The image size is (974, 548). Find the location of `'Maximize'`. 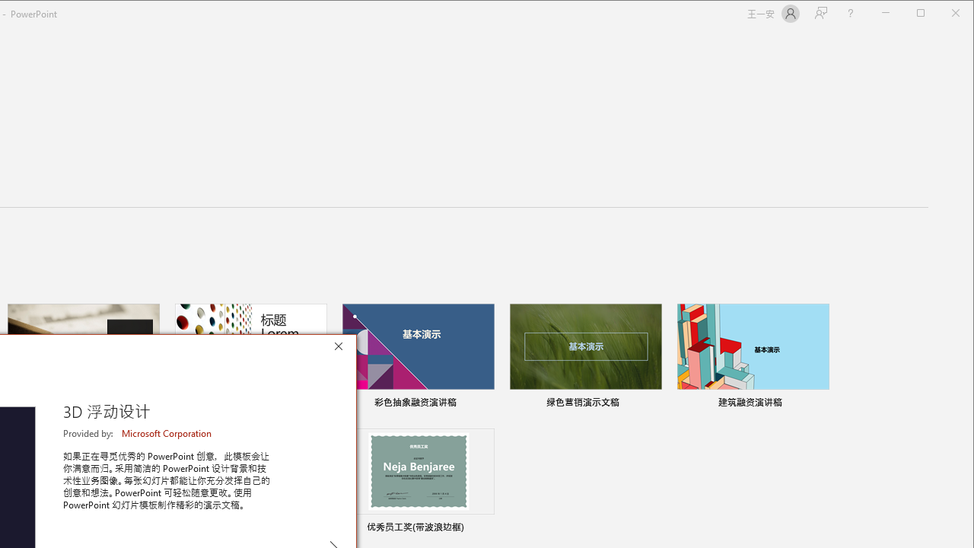

'Maximize' is located at coordinates (942, 14).